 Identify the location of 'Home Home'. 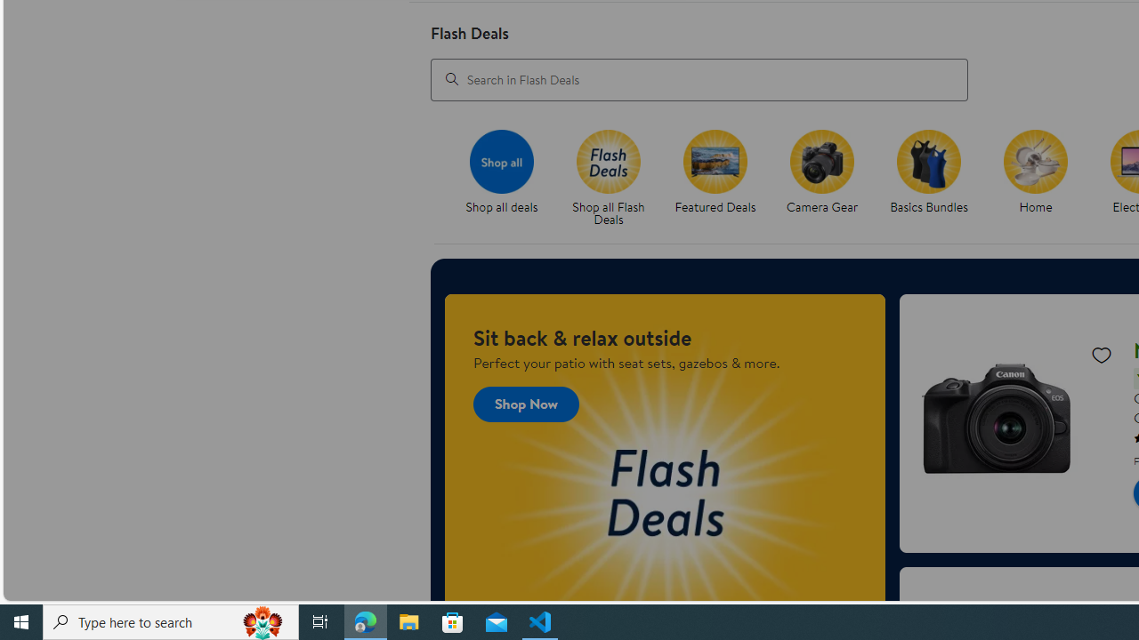
(1036, 172).